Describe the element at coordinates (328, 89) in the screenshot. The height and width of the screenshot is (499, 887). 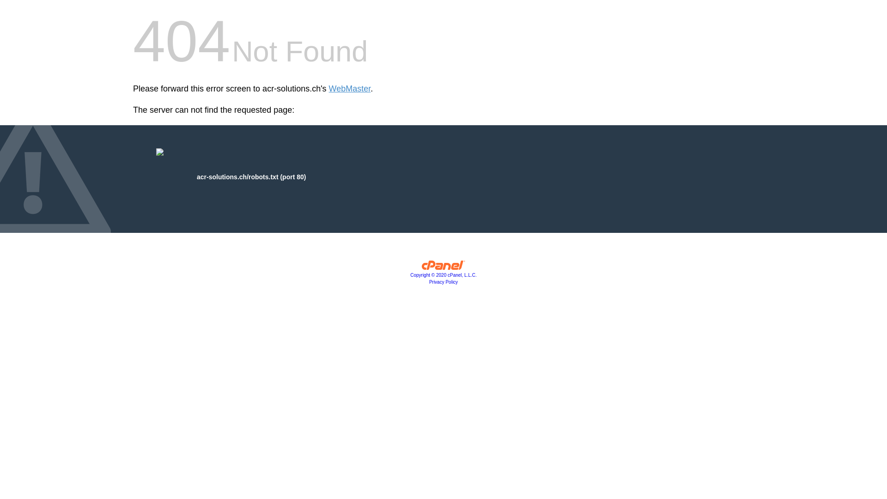
I see `'WebMaster'` at that location.